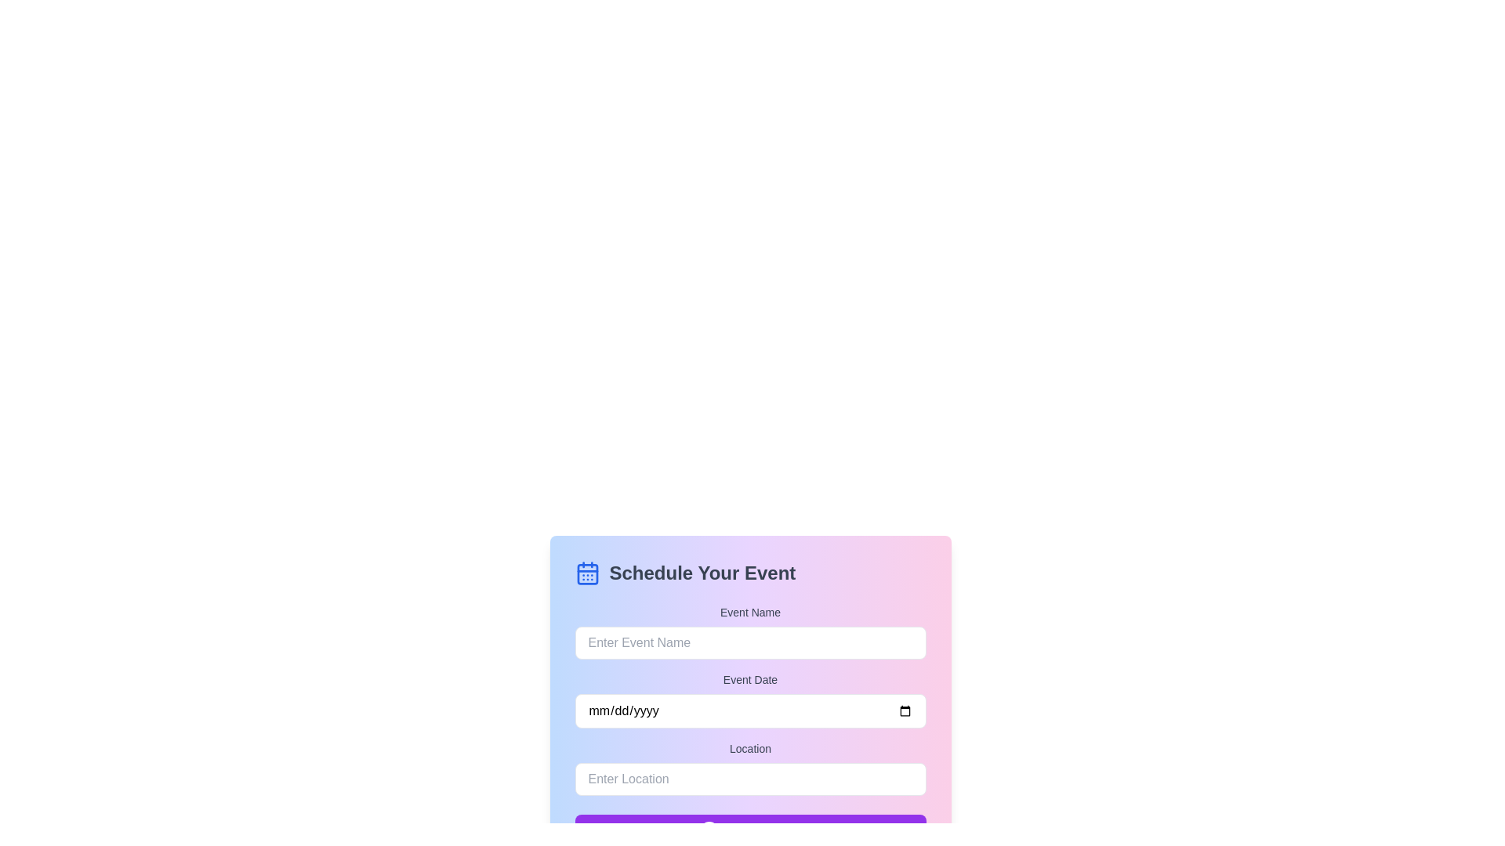  What do you see at coordinates (749, 710) in the screenshot?
I see `the Date input field with calendar picker, which has a placeholder formatted as 'mm/dd/yyyy', to focus the input` at bounding box center [749, 710].